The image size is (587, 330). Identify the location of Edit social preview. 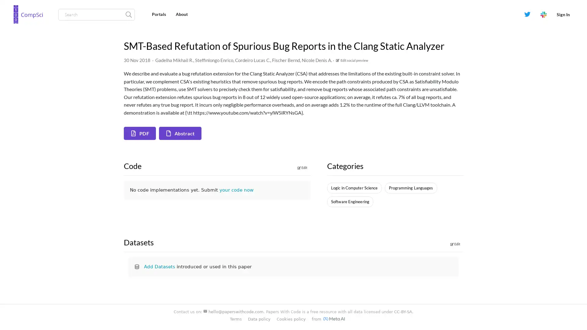
(352, 61).